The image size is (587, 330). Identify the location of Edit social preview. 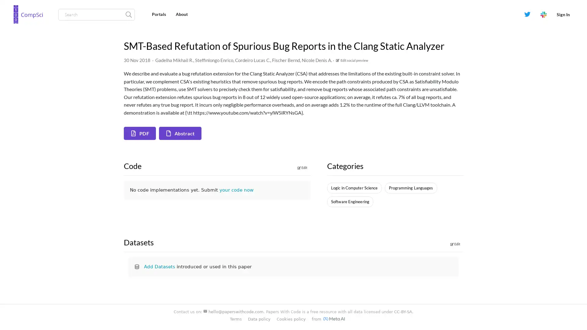
(352, 61).